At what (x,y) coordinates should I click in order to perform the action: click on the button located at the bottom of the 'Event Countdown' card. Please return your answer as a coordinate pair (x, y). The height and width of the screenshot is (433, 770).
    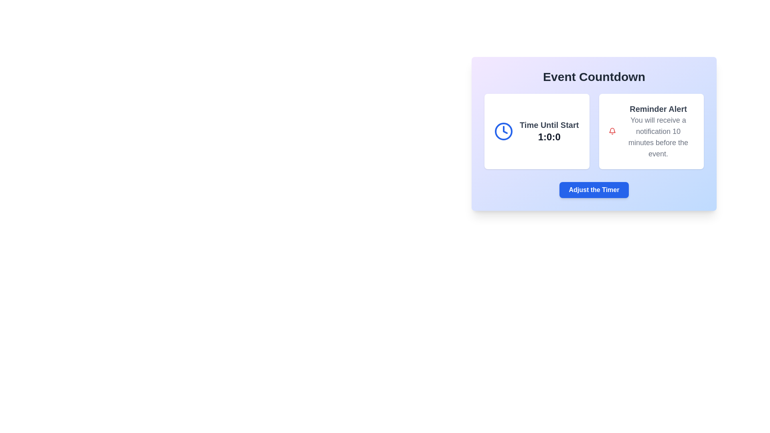
    Looking at the image, I should click on (594, 190).